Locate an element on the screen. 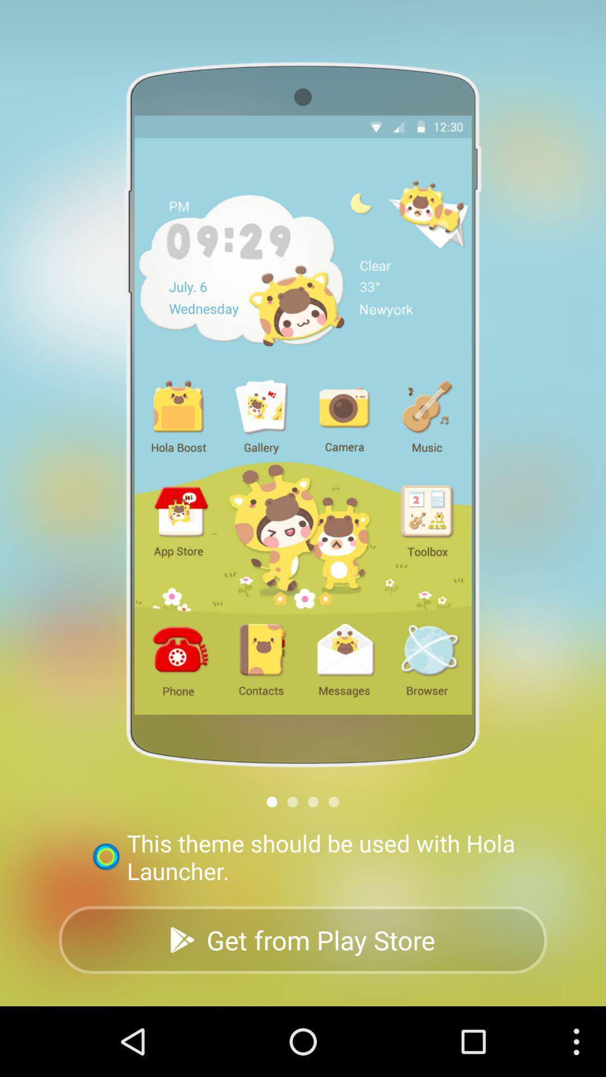 This screenshot has height=1077, width=606. information of layout at hte first screen is located at coordinates (272, 801).